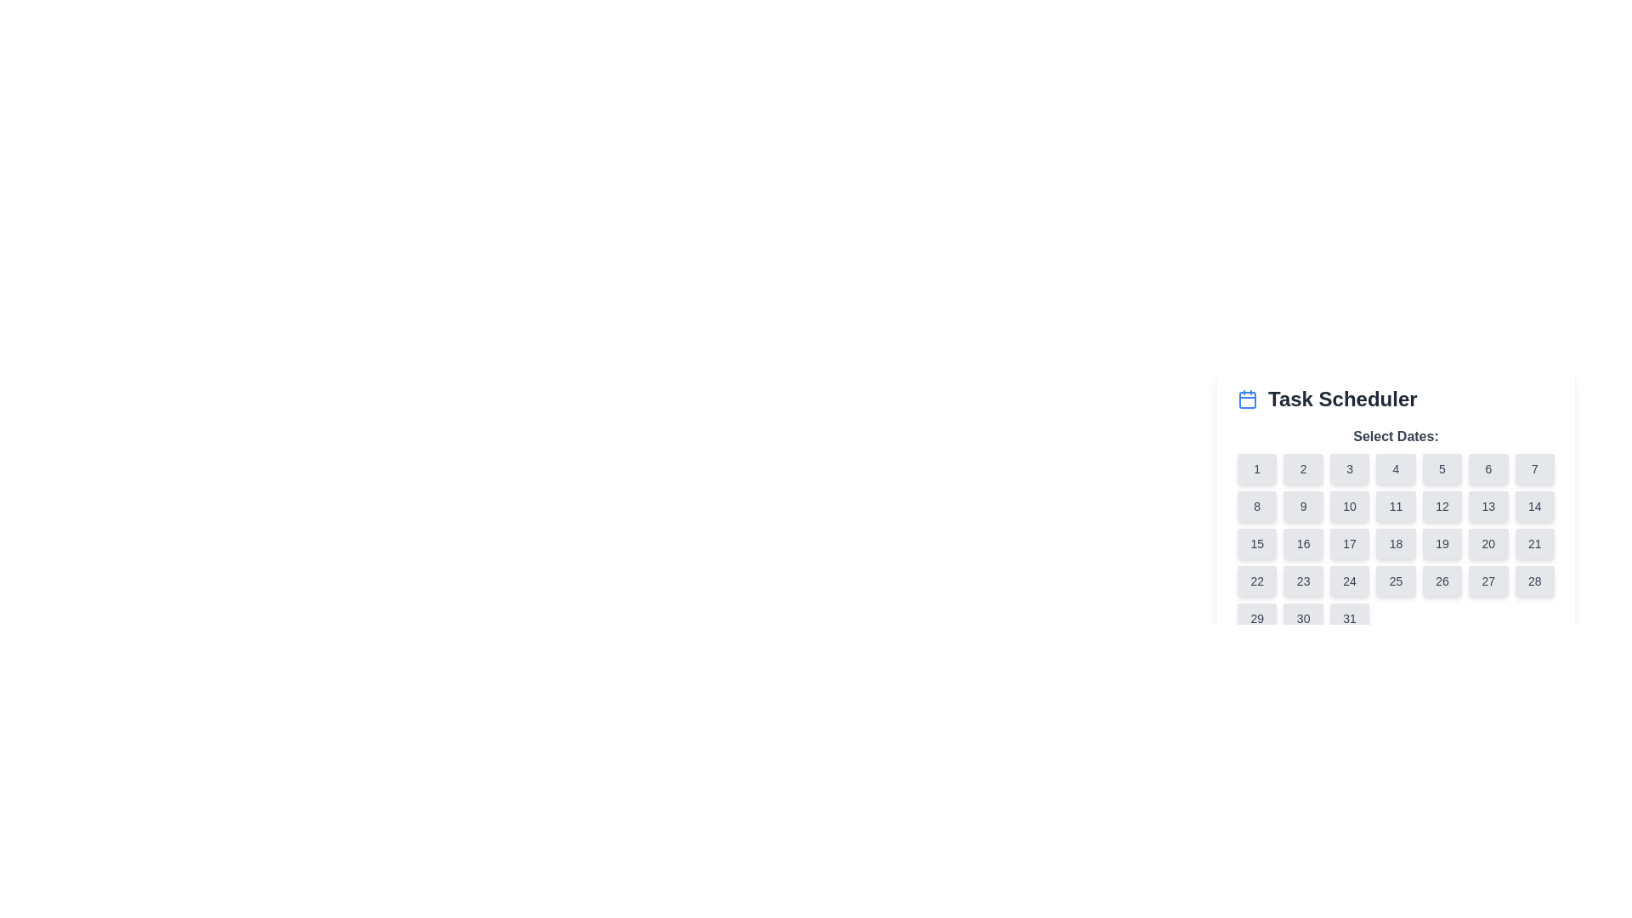  I want to click on the selectable day button representing the 30th date in the calendar interface, so click(1302, 619).